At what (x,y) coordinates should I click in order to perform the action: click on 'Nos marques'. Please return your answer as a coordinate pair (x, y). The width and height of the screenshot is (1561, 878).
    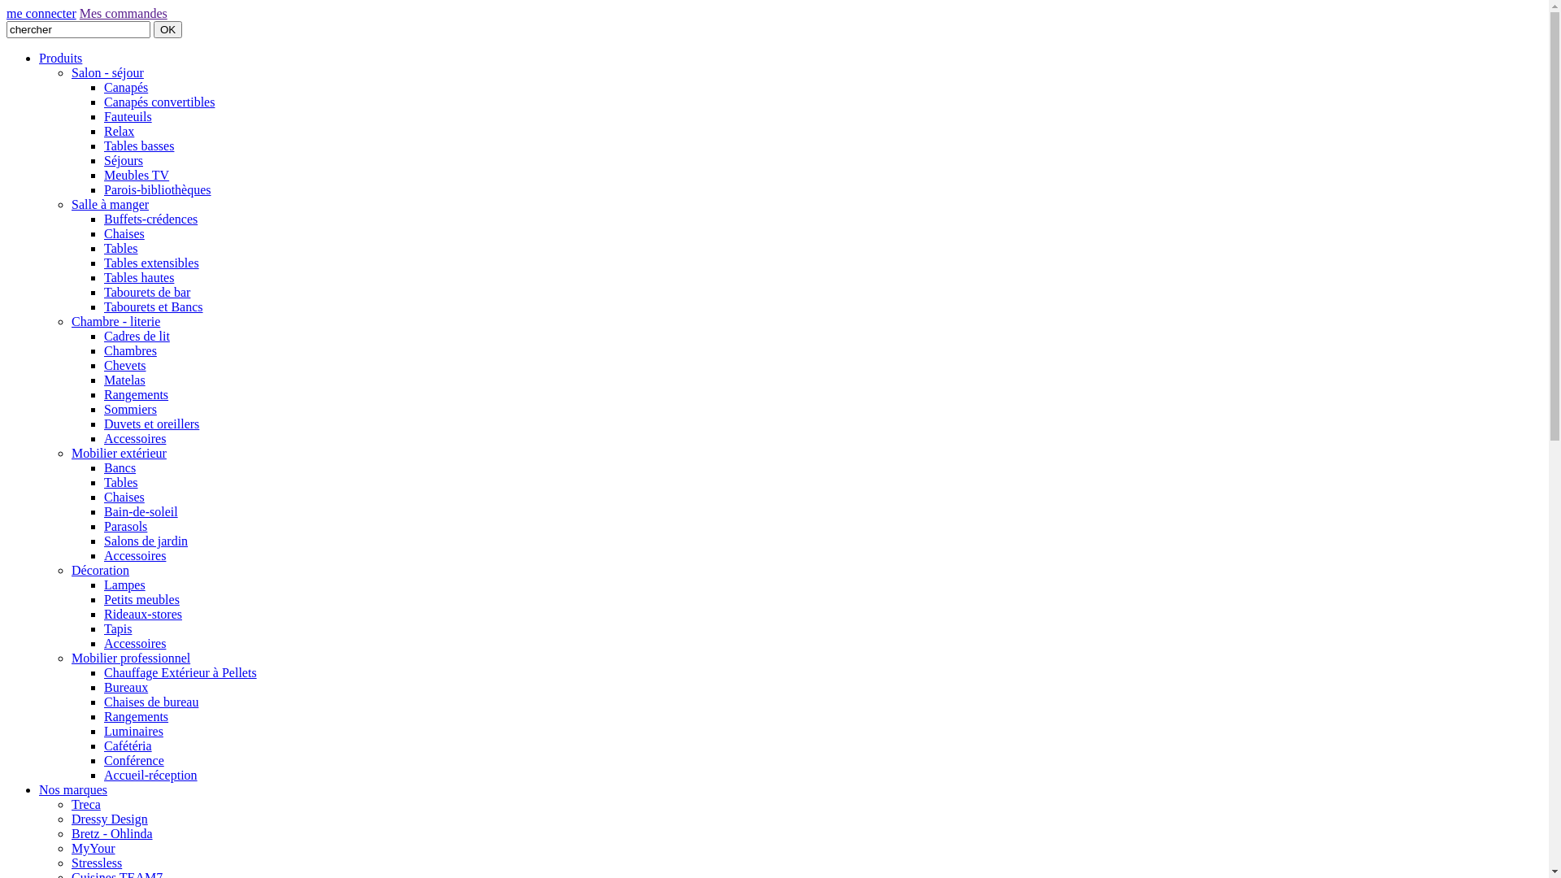
    Looking at the image, I should click on (39, 789).